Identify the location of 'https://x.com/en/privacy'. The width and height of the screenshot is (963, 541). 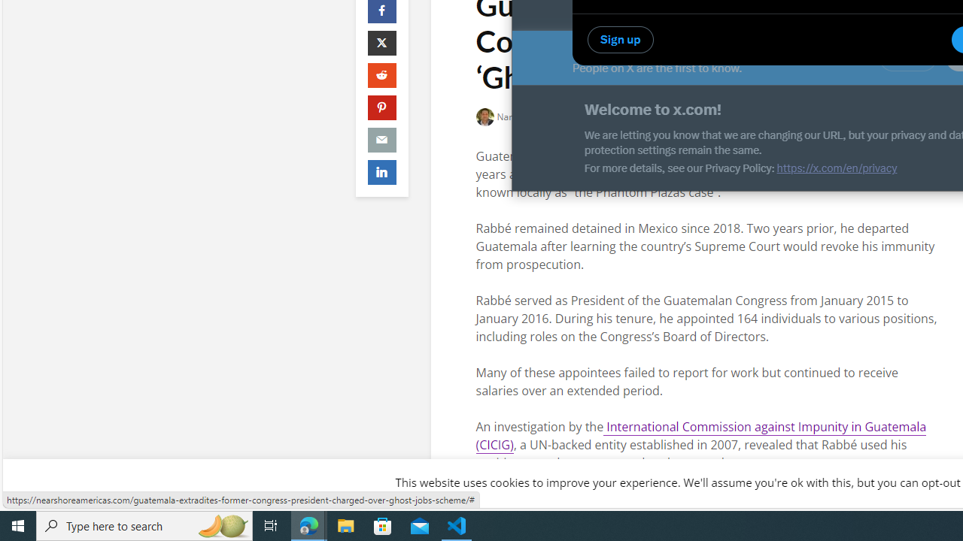
(836, 168).